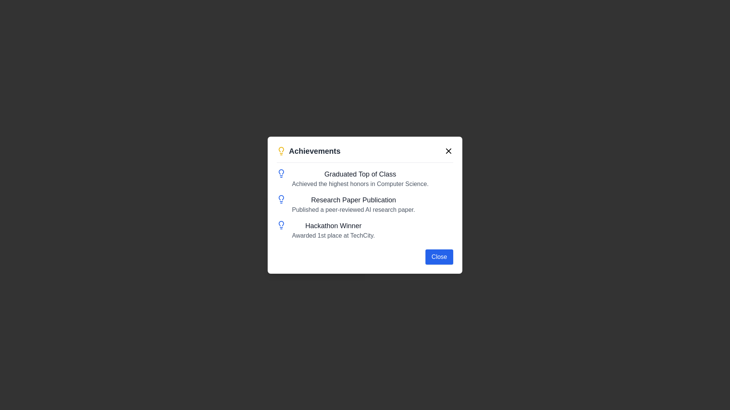 The image size is (730, 410). I want to click on the Close Button (an 'X' symbol) located at the top-right corner of the 'Achievements' dialog box, so click(449, 151).